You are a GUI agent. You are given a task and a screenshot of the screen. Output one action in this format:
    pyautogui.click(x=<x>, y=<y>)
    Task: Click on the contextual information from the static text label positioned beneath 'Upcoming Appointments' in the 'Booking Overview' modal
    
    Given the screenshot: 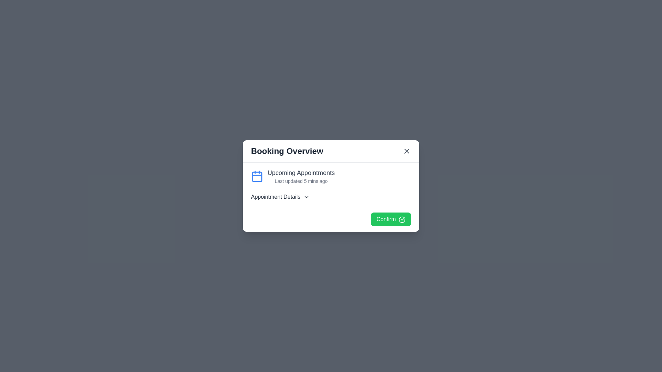 What is the action you would take?
    pyautogui.click(x=301, y=180)
    